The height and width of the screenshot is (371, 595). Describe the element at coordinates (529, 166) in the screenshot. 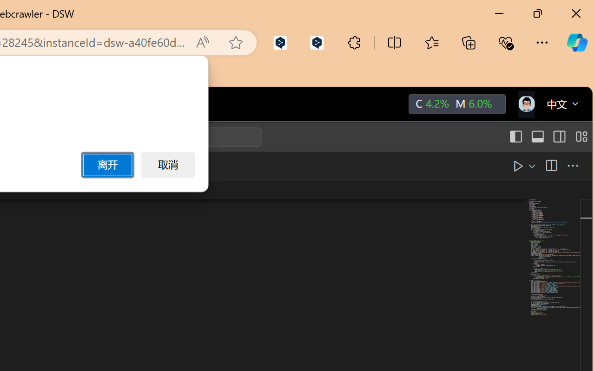

I see `'Open Changes'` at that location.